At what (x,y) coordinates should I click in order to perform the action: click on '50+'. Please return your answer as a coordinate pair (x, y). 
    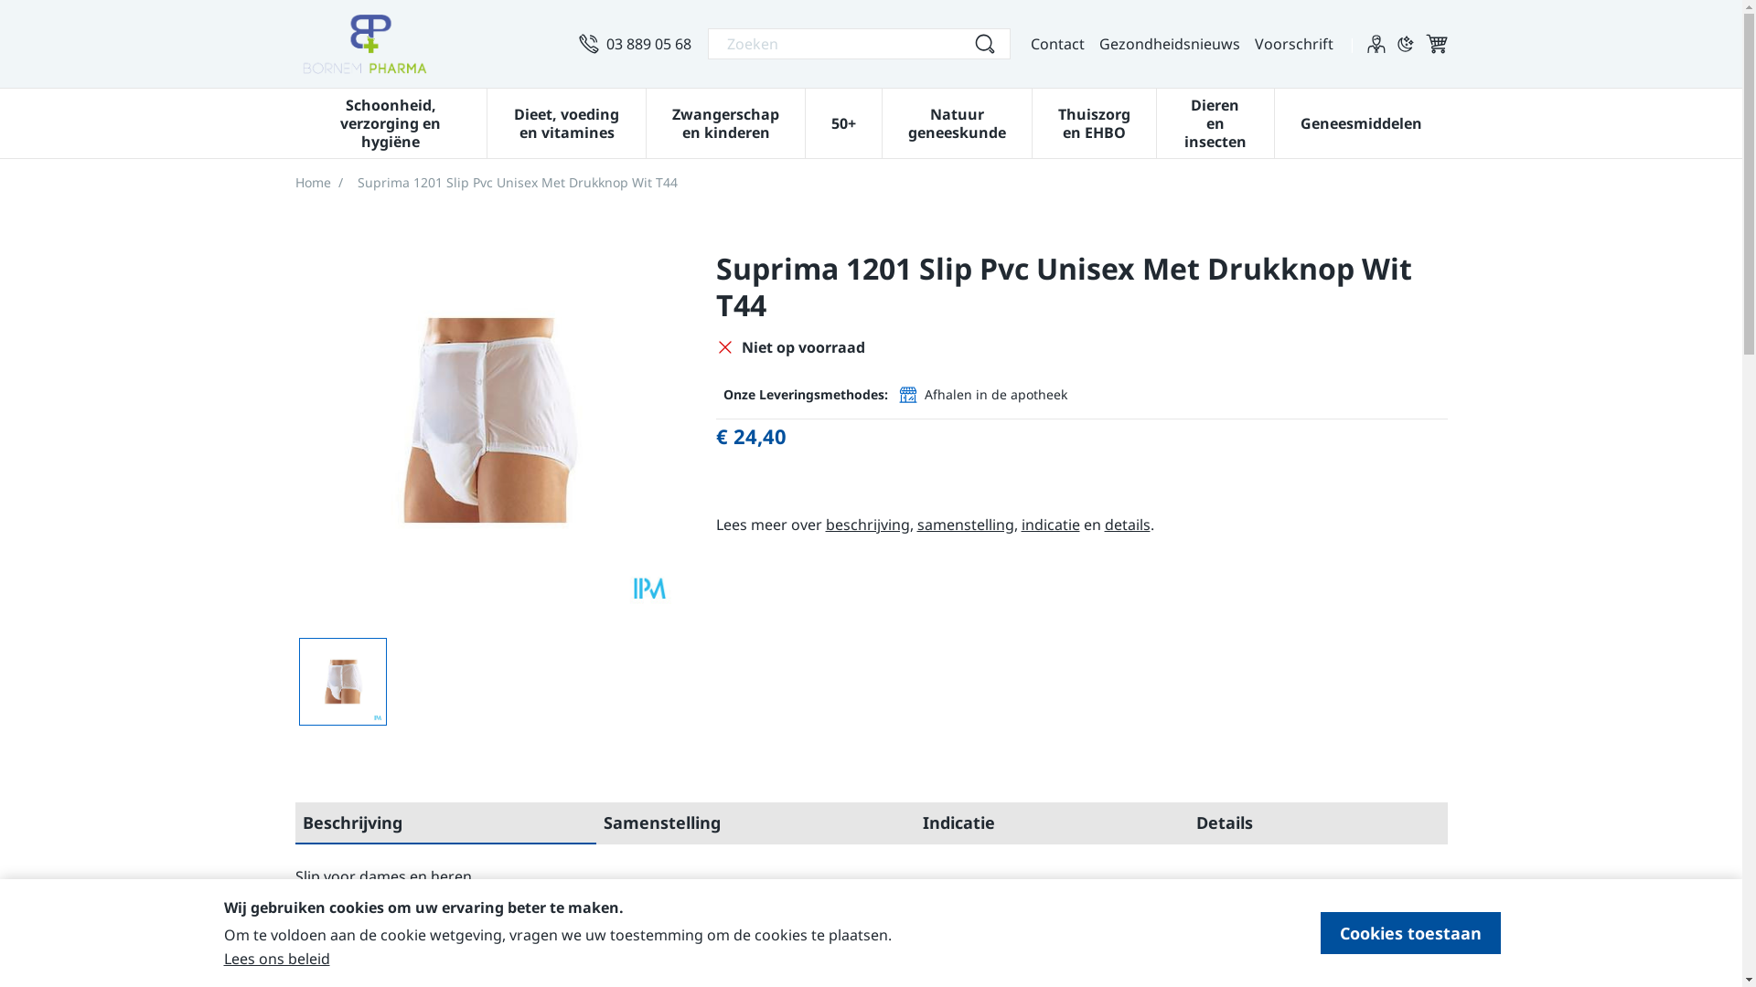
    Looking at the image, I should click on (842, 121).